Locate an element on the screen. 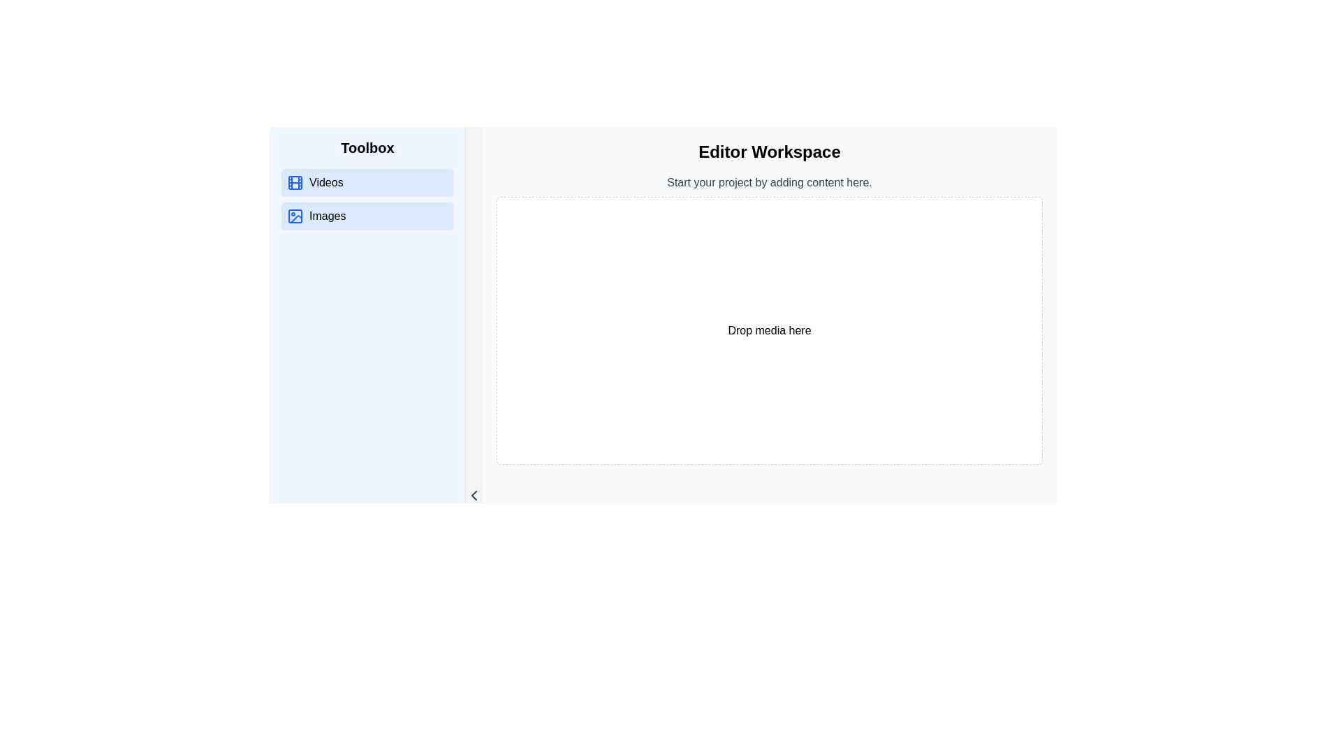 Image resolution: width=1341 pixels, height=754 pixels. the instruction text located below the header 'Editor Workspace' and above the dashed-bordered area designated by 'Drop media here' is located at coordinates (769, 182).